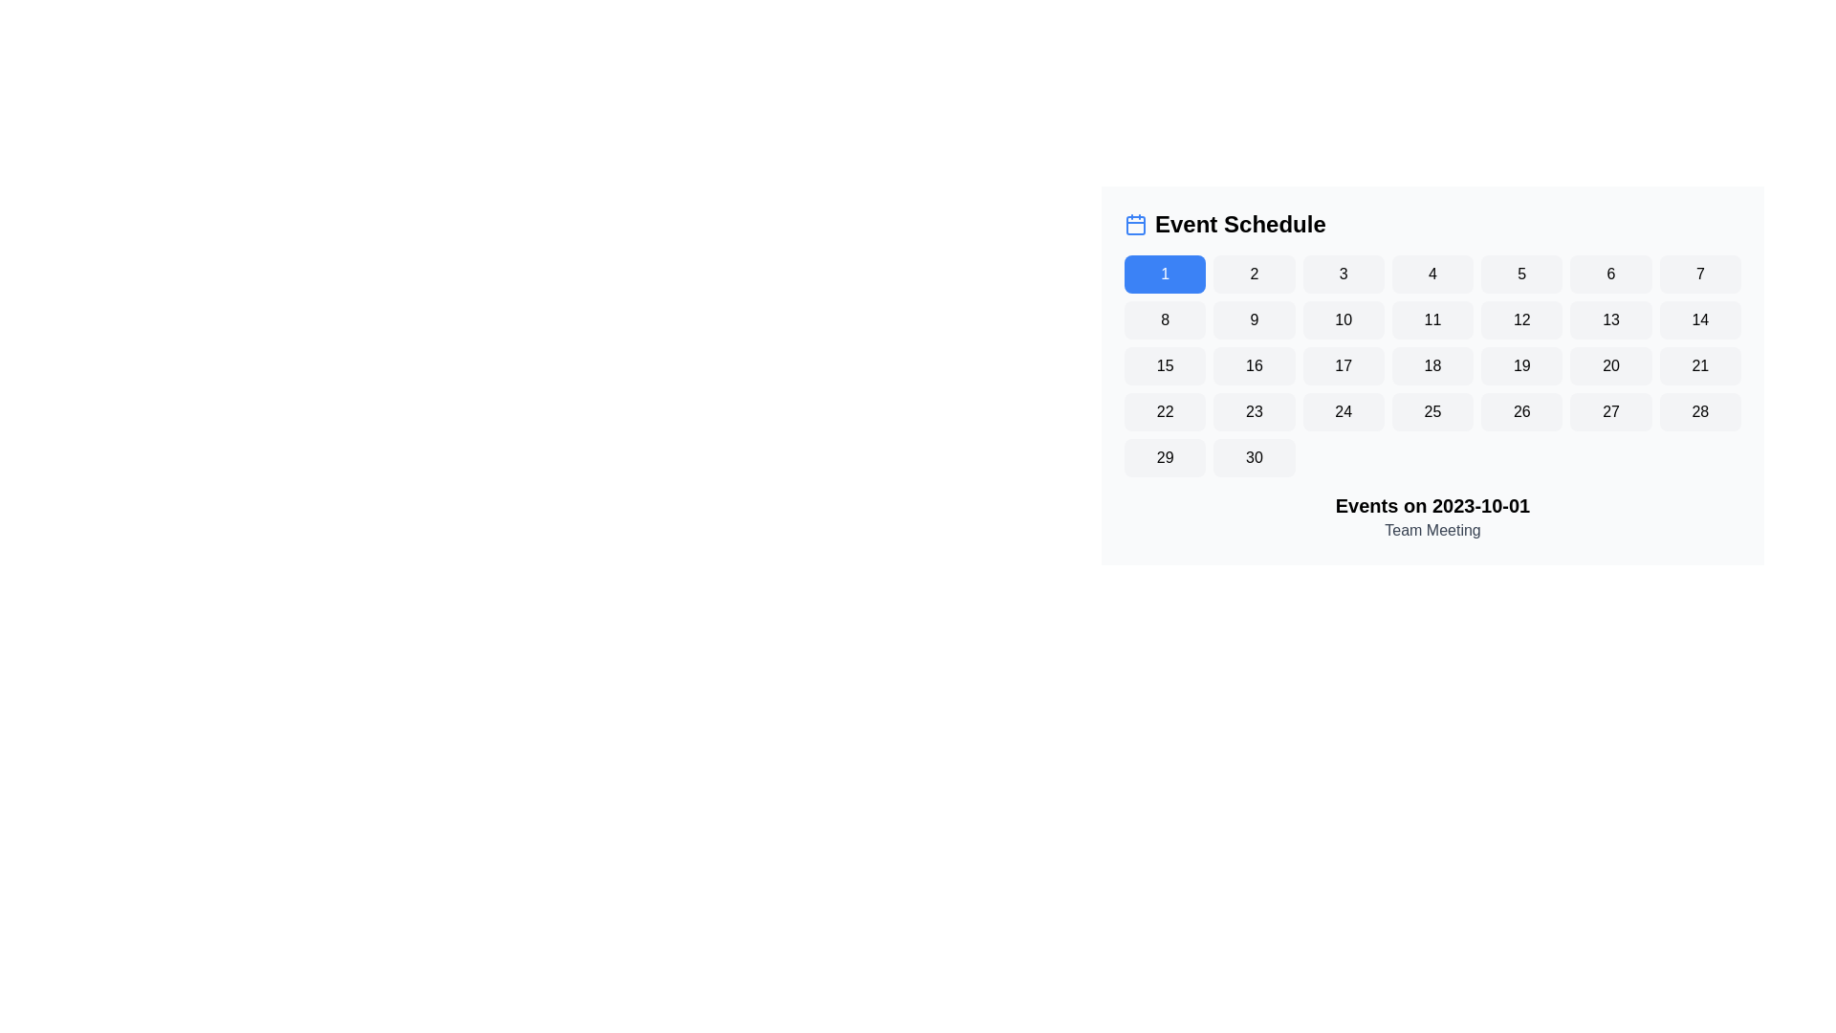 The width and height of the screenshot is (1836, 1033). Describe the element at coordinates (1343, 319) in the screenshot. I see `the rounded rectangular button with a light gray background and black text displaying the number '10'` at that location.